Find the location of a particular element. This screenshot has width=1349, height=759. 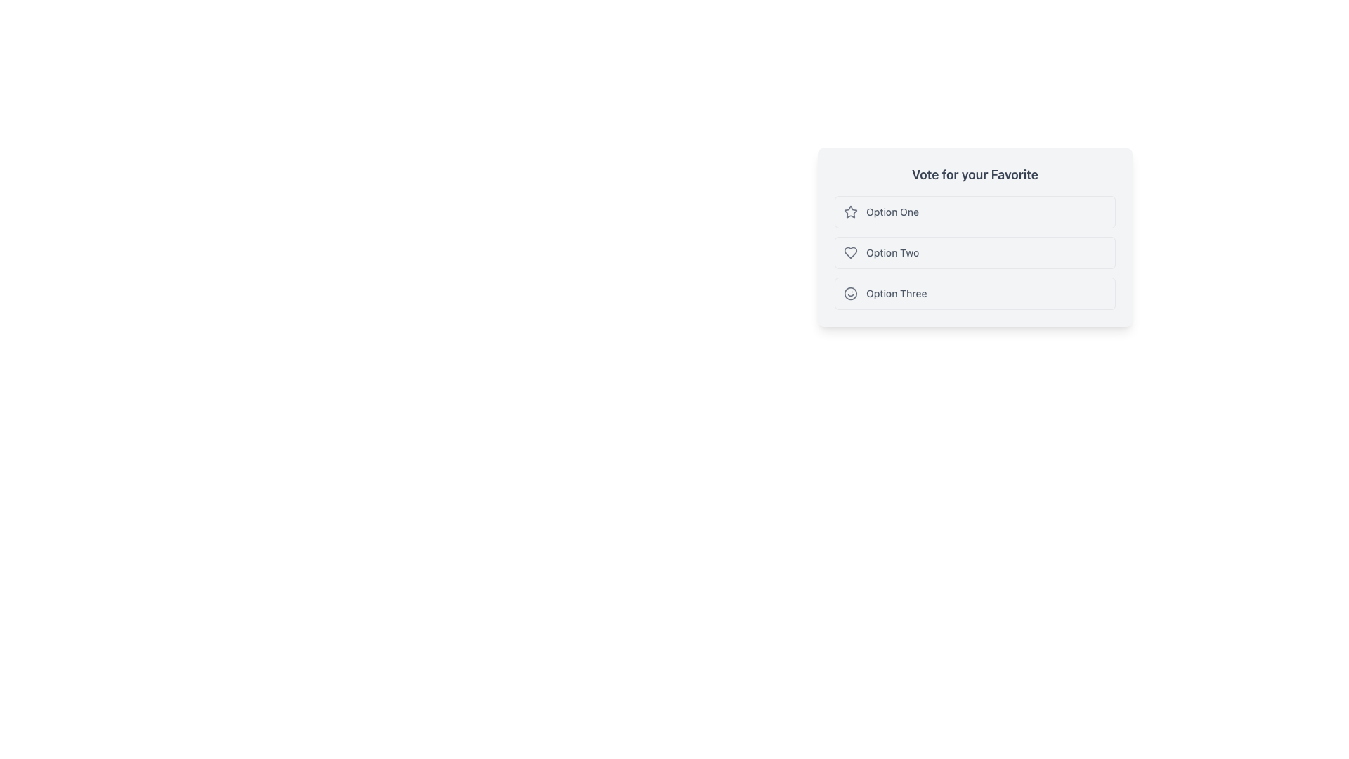

the circular smiley face icon outlined with a gray stroke, located to the extreme left of the 'Option Three' label under 'Vote for your Favorite' is located at coordinates (849, 292).